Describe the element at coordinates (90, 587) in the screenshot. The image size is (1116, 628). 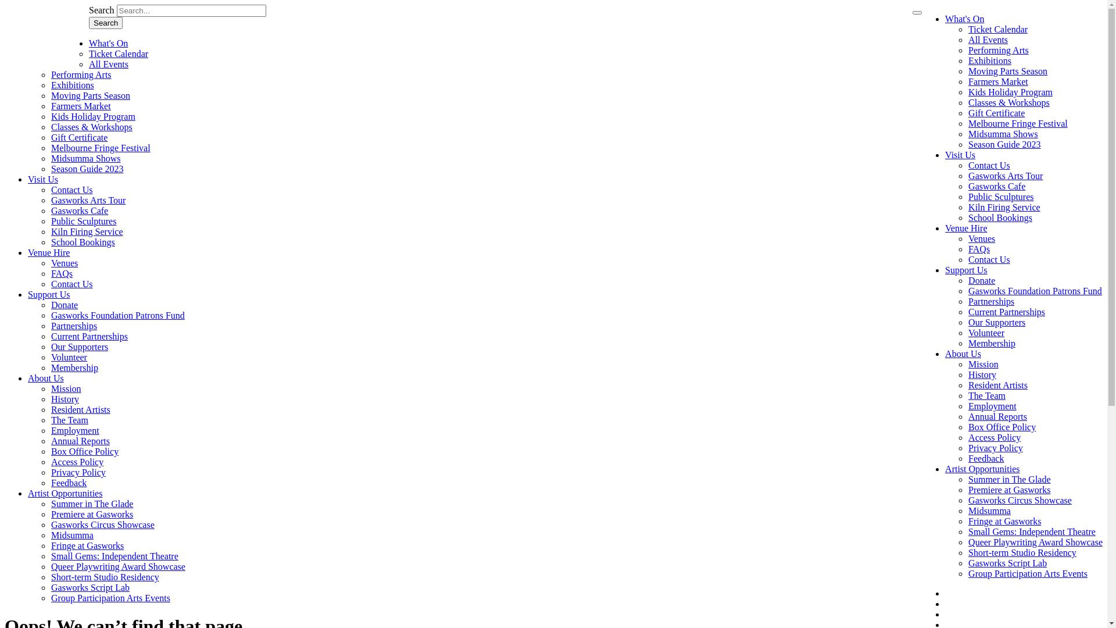
I see `'Gasworks Script Lab'` at that location.